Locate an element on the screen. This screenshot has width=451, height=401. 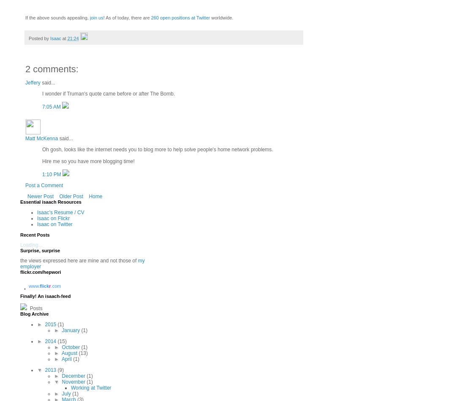
'Newer Post' is located at coordinates (40, 196).